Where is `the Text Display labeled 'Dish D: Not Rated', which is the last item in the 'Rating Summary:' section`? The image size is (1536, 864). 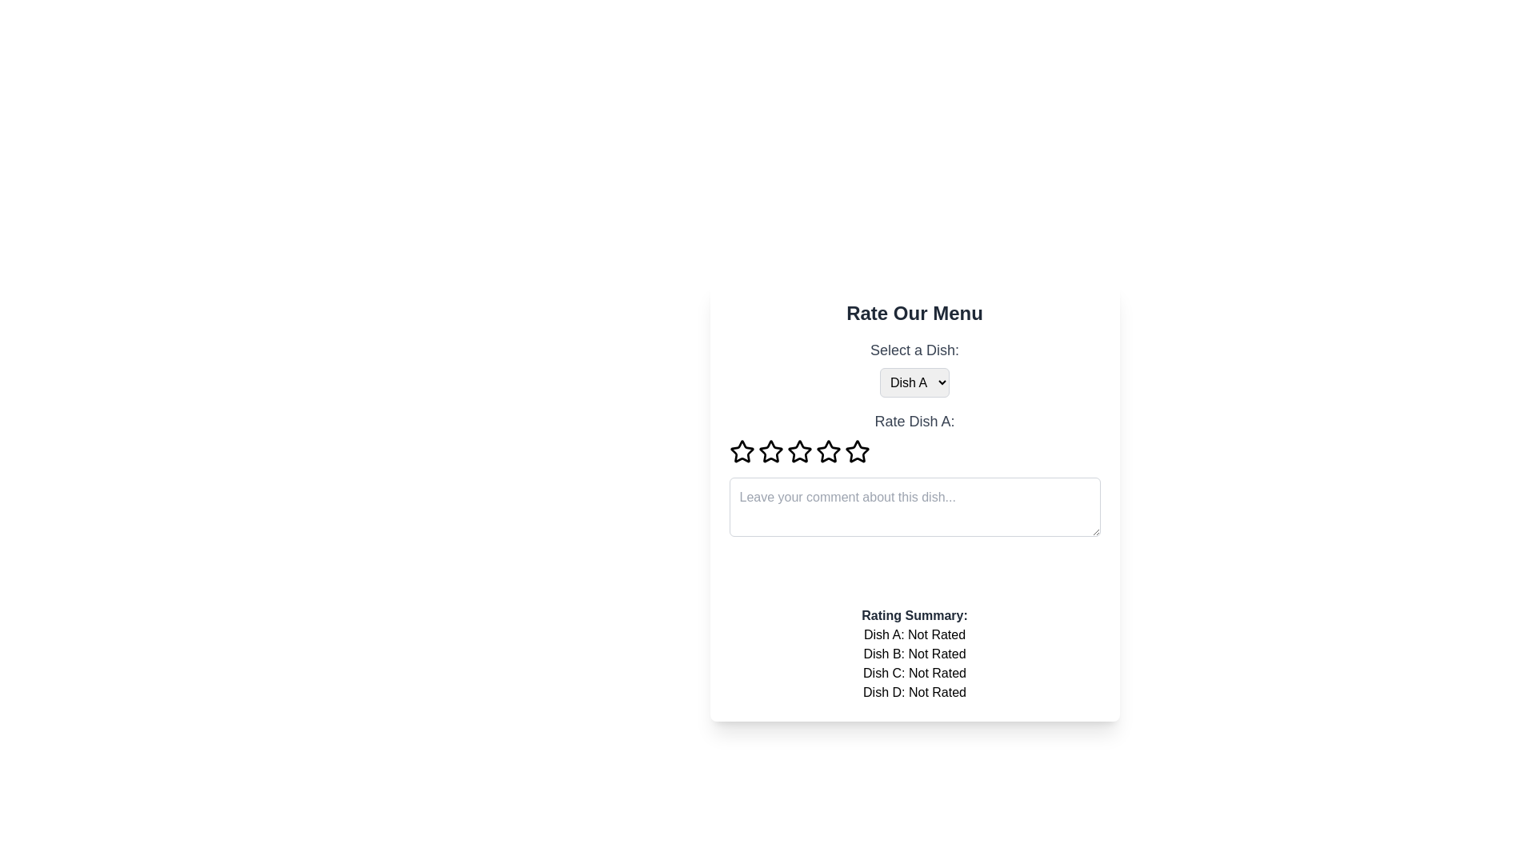 the Text Display labeled 'Dish D: Not Rated', which is the last item in the 'Rating Summary:' section is located at coordinates (914, 692).